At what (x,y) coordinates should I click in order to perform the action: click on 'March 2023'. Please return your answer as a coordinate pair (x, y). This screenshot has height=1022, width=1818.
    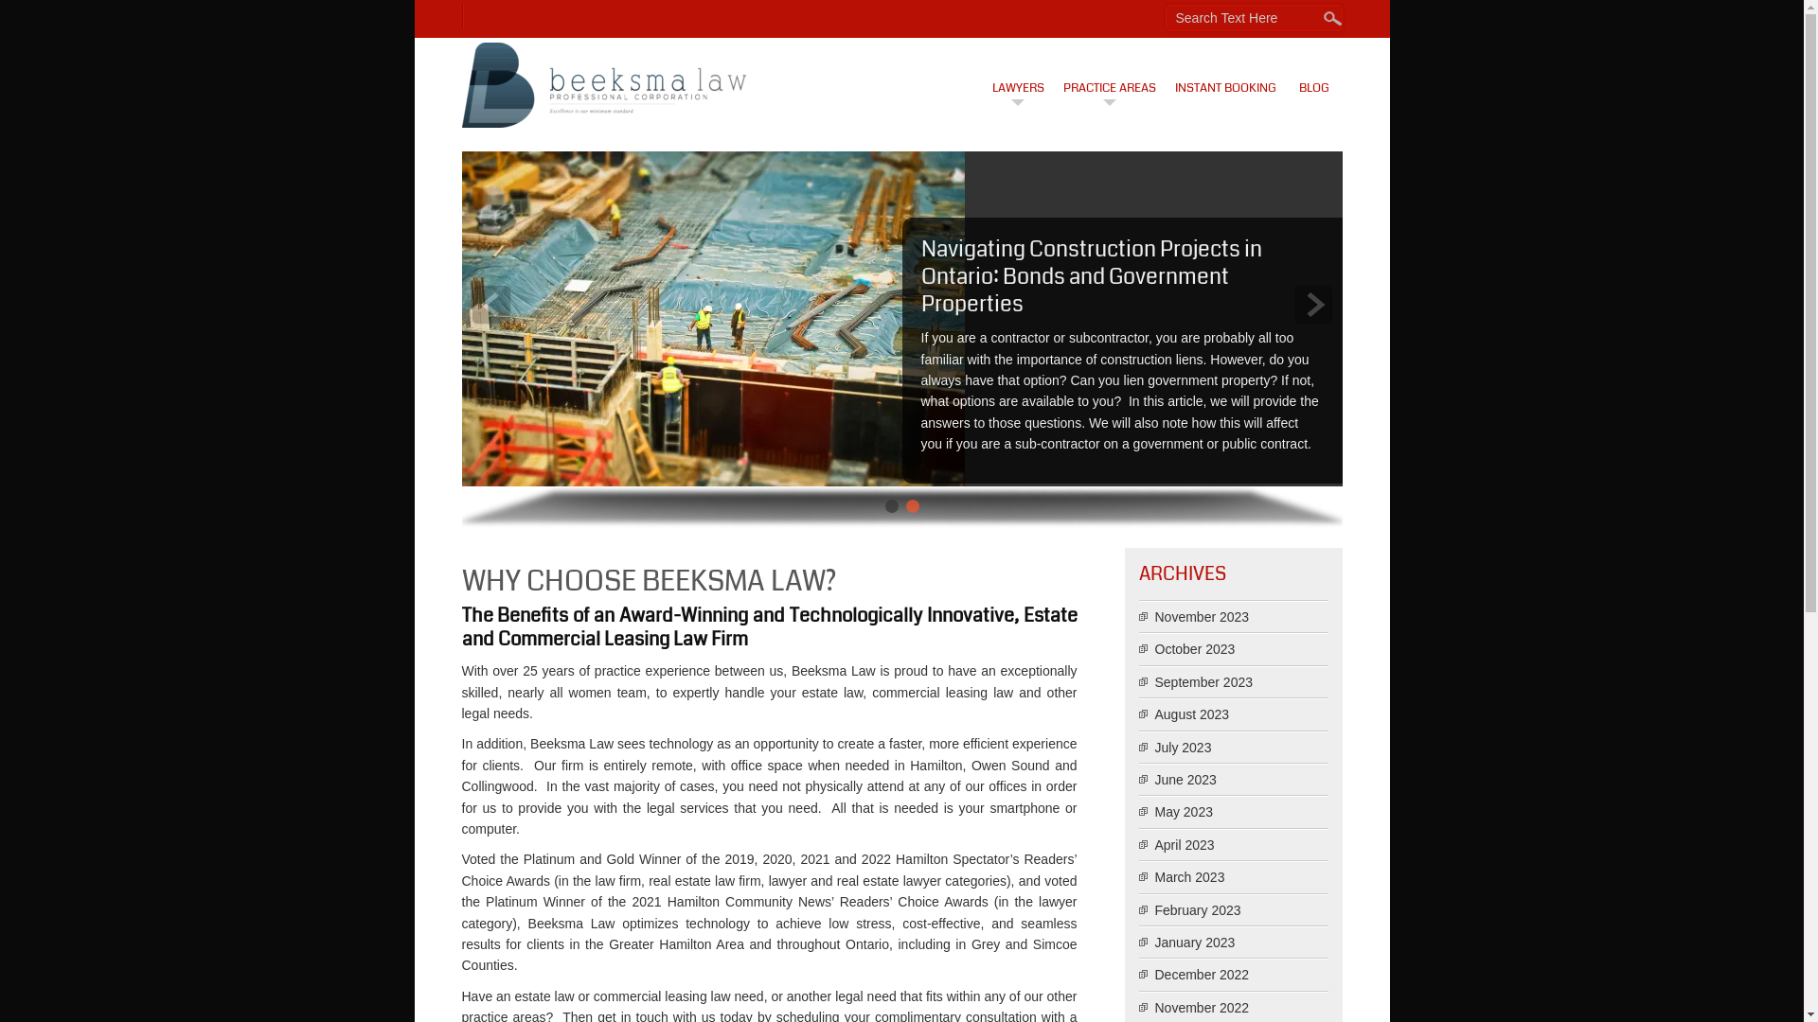
    Looking at the image, I should click on (1189, 876).